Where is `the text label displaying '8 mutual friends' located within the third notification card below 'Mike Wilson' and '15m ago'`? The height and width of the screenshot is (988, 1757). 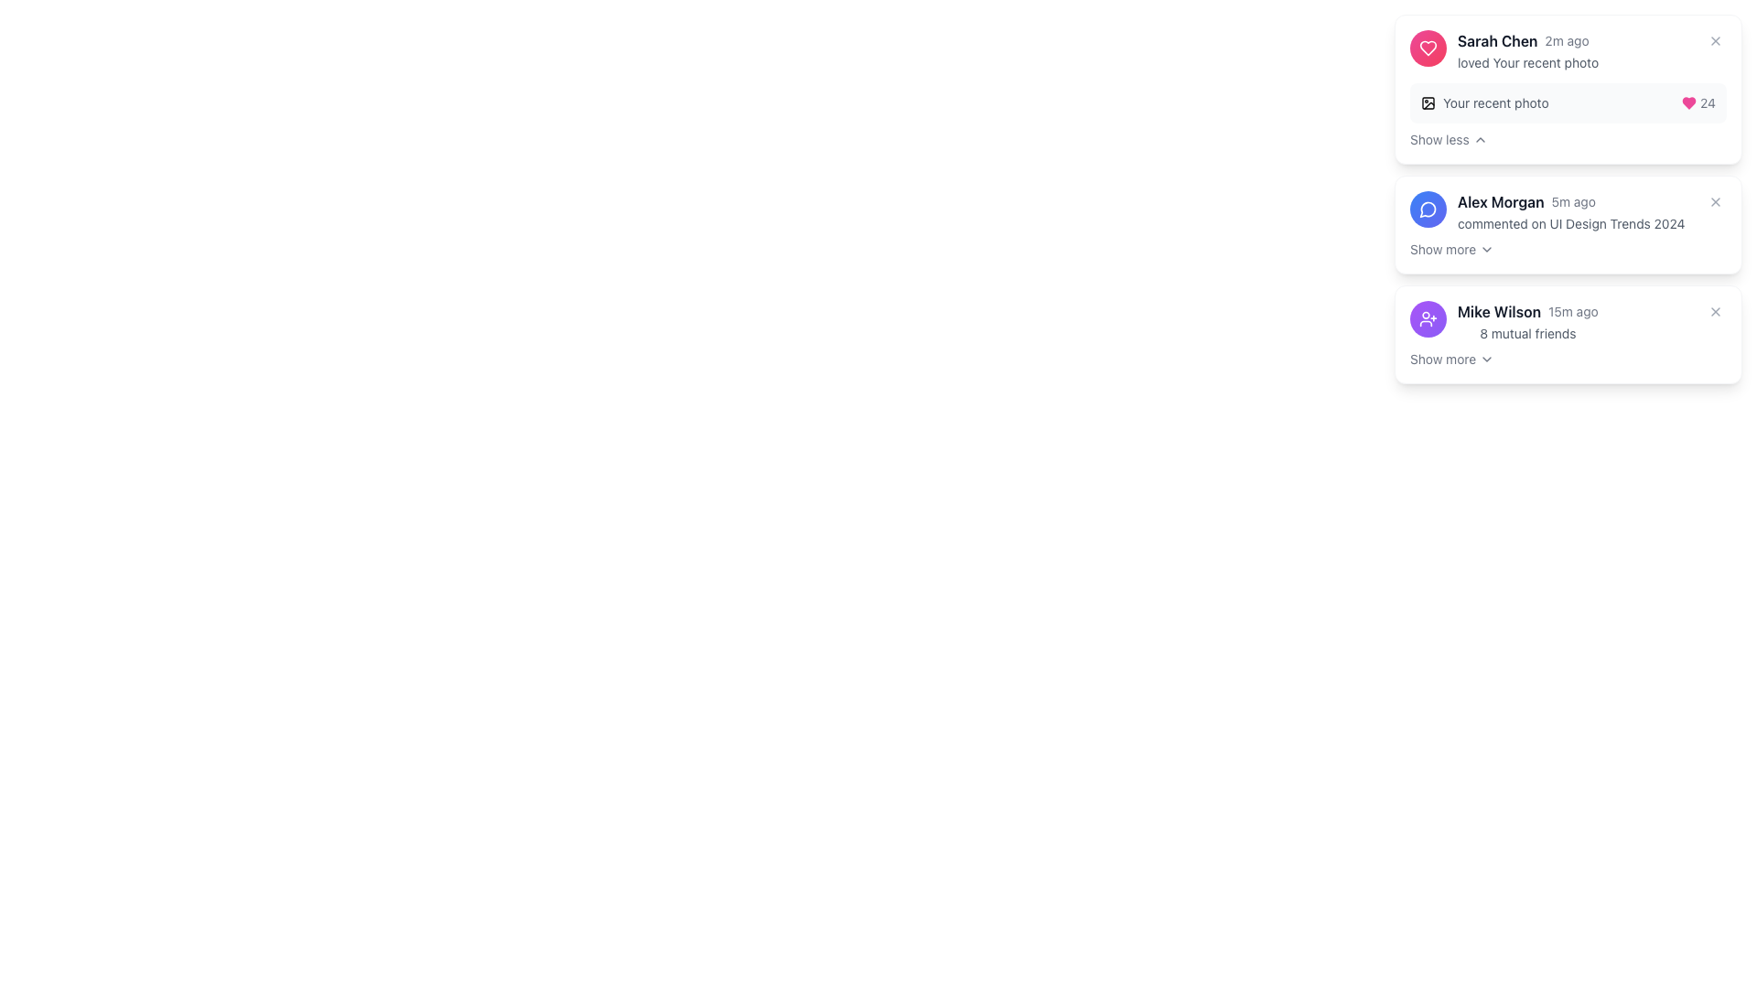 the text label displaying '8 mutual friends' located within the third notification card below 'Mike Wilson' and '15m ago' is located at coordinates (1527, 333).